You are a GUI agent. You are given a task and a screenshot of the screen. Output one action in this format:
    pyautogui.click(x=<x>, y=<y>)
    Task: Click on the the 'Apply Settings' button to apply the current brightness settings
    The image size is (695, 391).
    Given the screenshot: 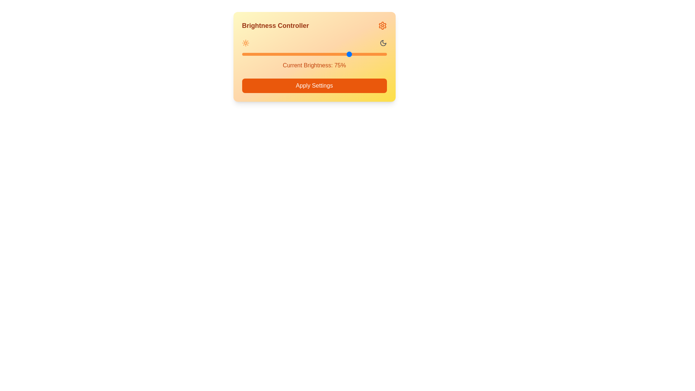 What is the action you would take?
    pyautogui.click(x=314, y=85)
    